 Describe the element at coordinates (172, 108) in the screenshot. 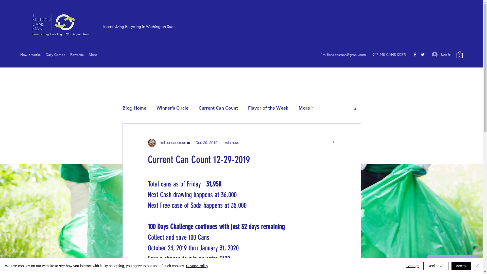

I see `'Winner's Circle'` at that location.